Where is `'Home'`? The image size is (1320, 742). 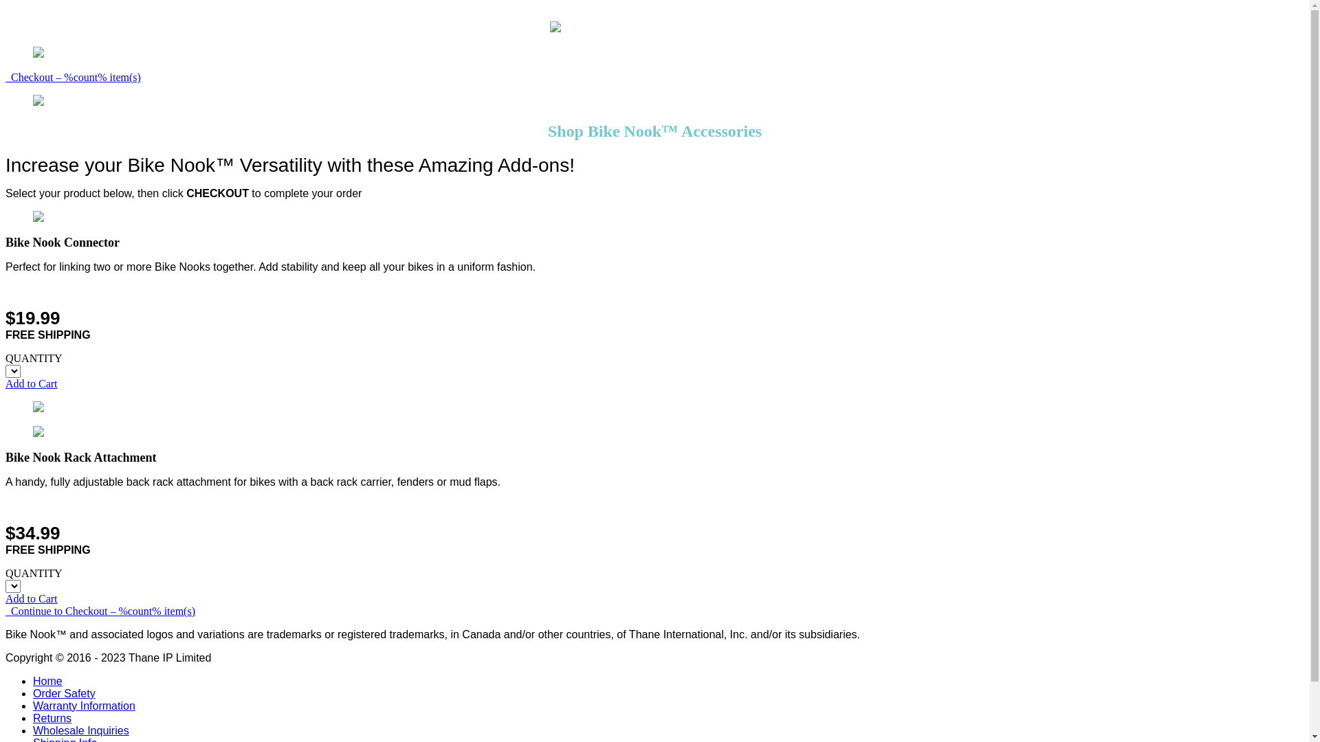 'Home' is located at coordinates (47, 681).